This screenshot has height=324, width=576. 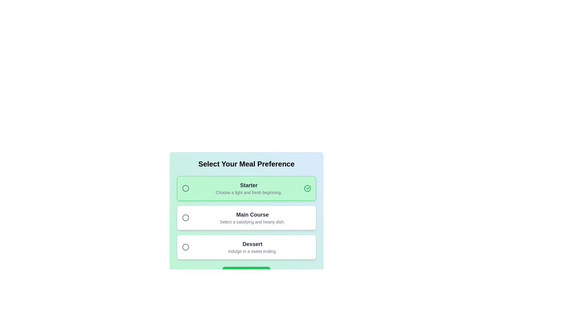 I want to click on the 'Main Course' label that provides contextual information for meal selection, located within the second item of the menu, positioned between 'Starter' and 'Dessert', so click(x=252, y=217).